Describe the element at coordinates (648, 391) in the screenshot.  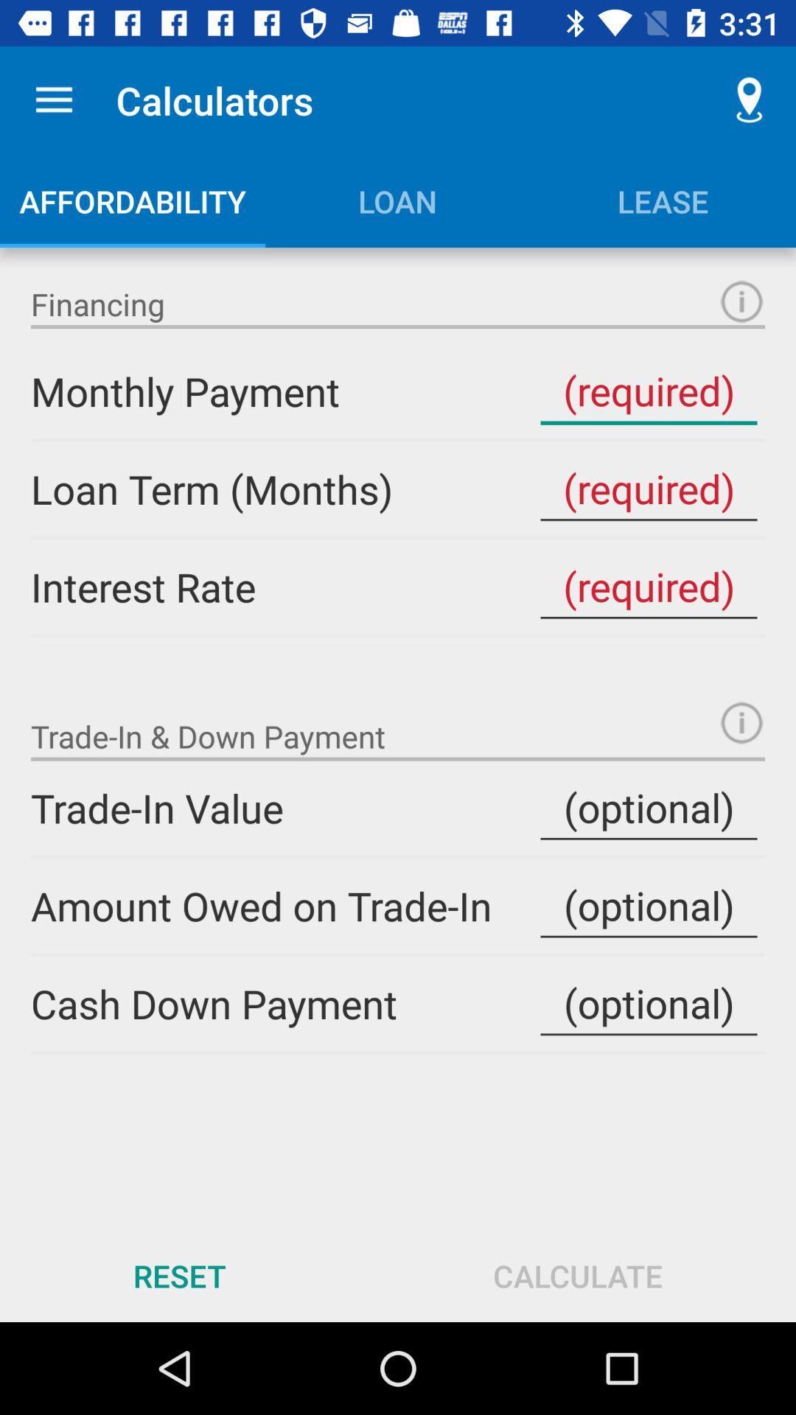
I see `the monthly payment here` at that location.